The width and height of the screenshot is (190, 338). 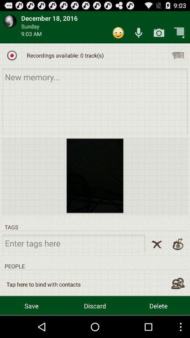 What do you see at coordinates (118, 33) in the screenshot?
I see `icon to the right of the sunday item` at bounding box center [118, 33].